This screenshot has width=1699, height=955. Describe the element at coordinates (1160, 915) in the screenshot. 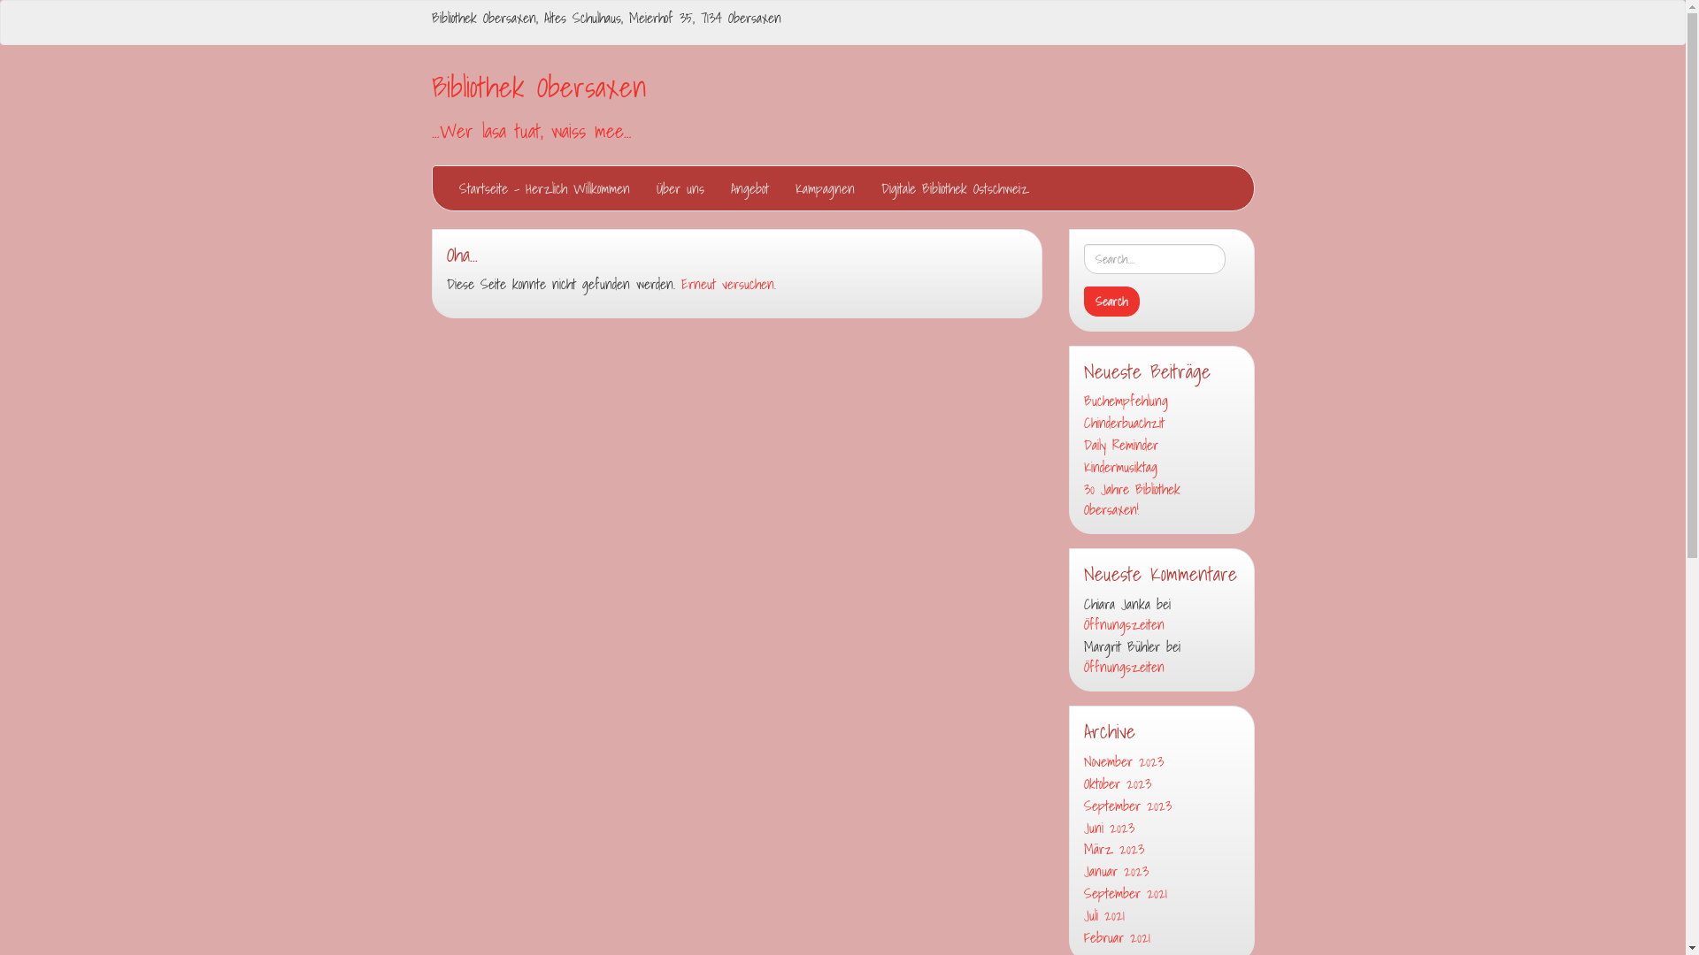

I see `'Juli 2021'` at that location.